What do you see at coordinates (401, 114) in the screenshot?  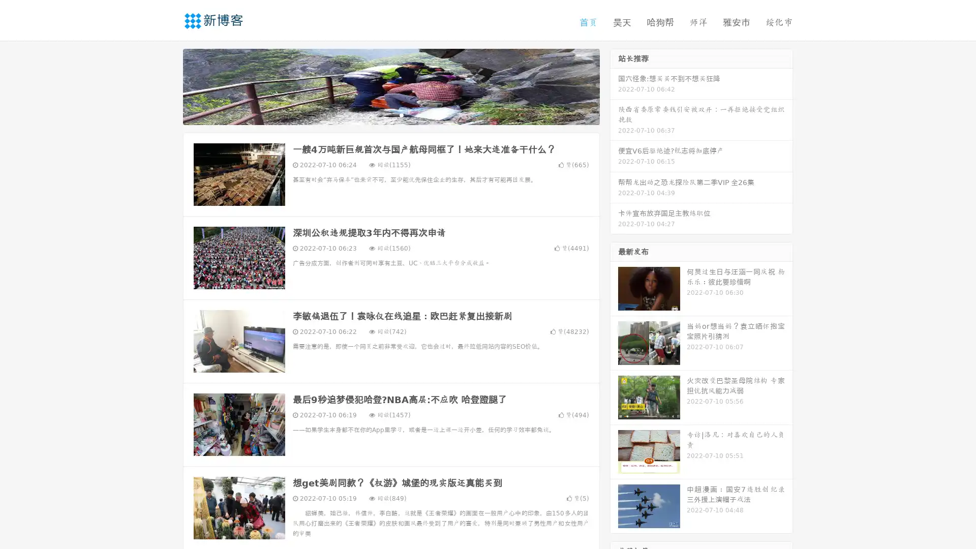 I see `Go to slide 3` at bounding box center [401, 114].